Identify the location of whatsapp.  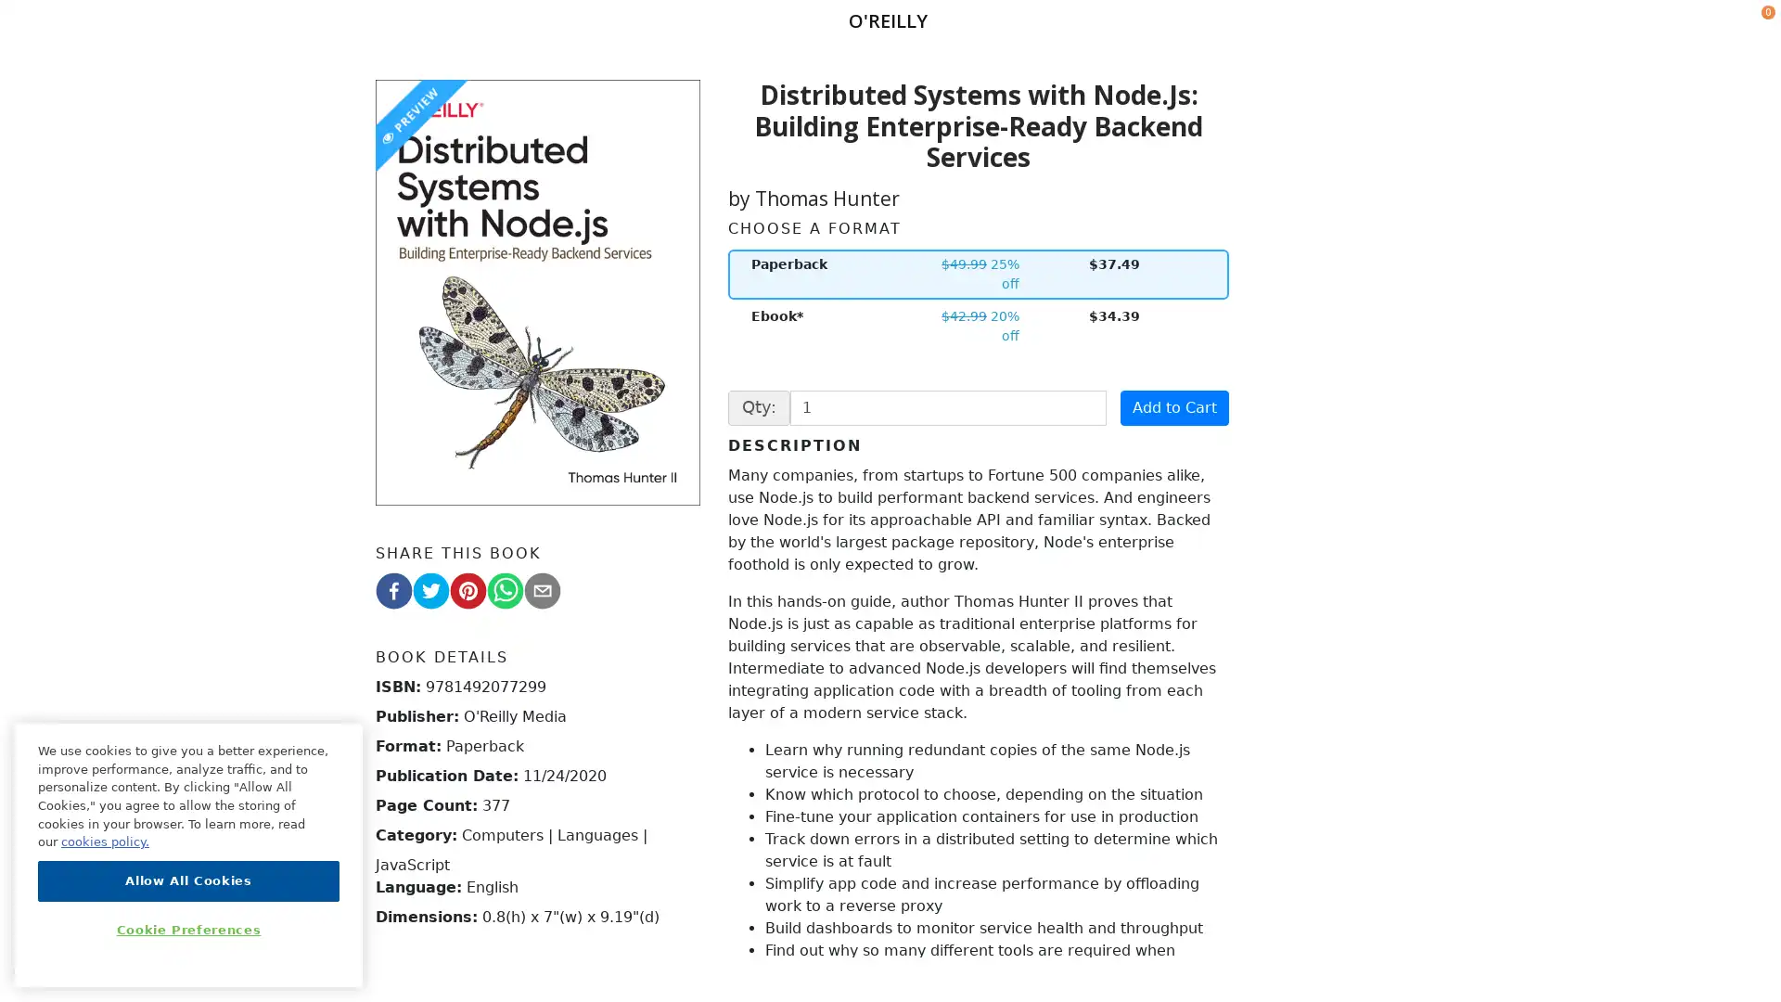
(506, 590).